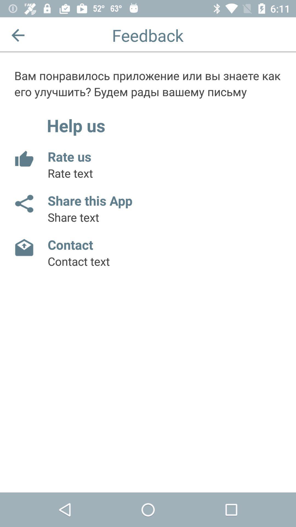 This screenshot has height=527, width=296. What do you see at coordinates (18, 35) in the screenshot?
I see `the item next to the feedback` at bounding box center [18, 35].